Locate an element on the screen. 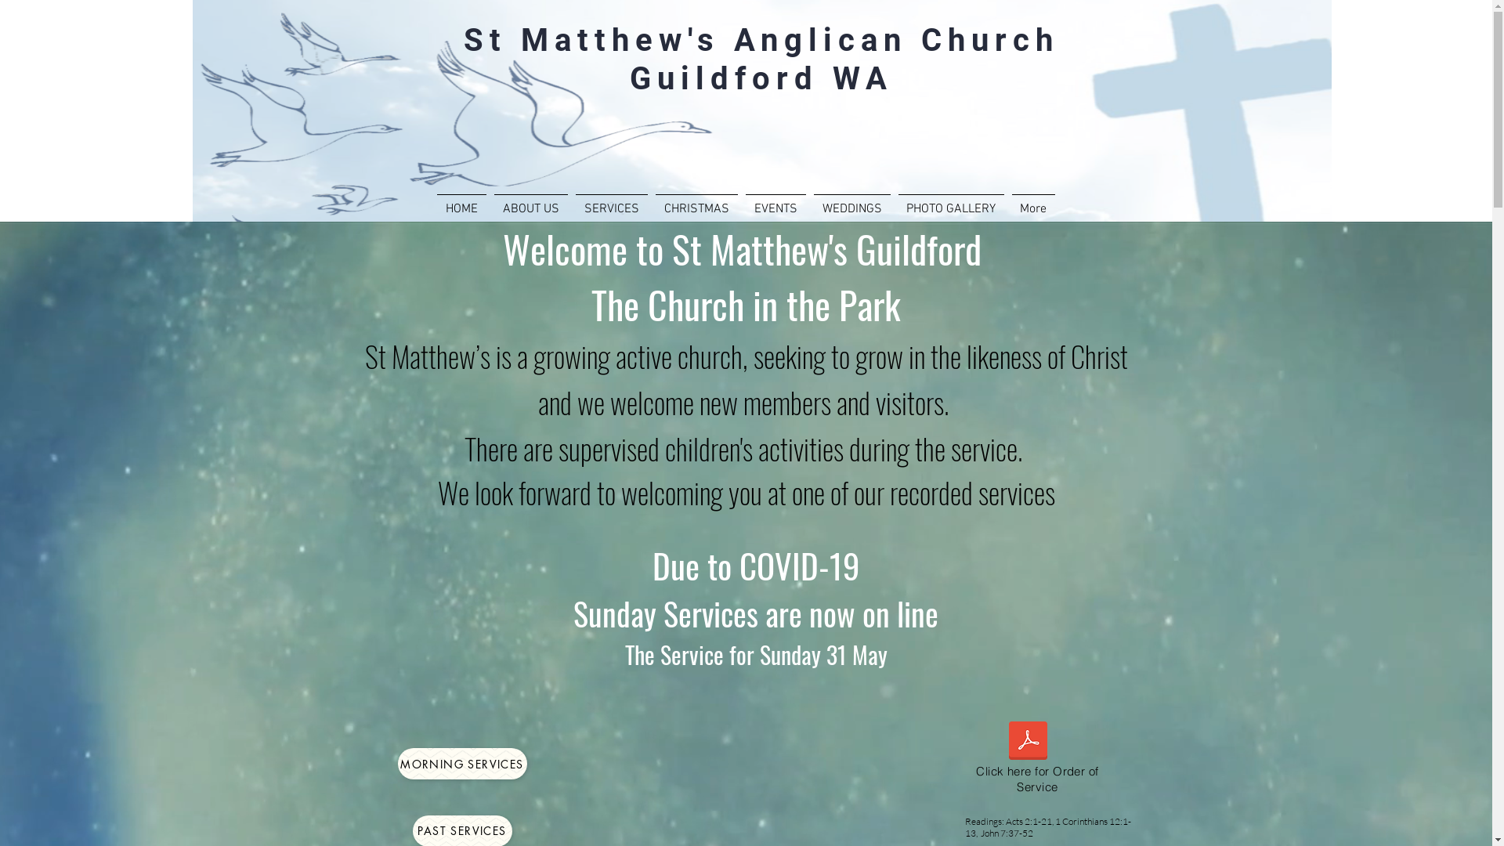  'SERVICES' is located at coordinates (611, 201).